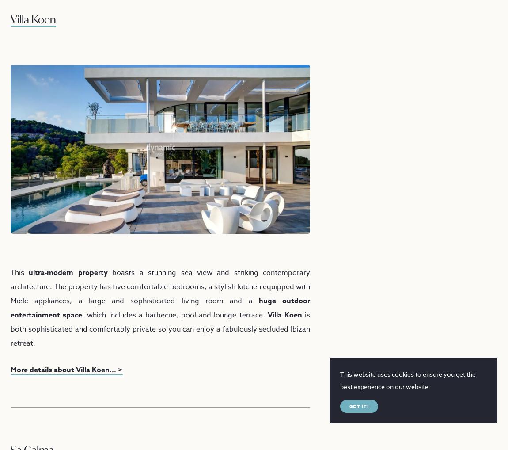 The width and height of the screenshot is (508, 450). Describe the element at coordinates (174, 314) in the screenshot. I see `', which includes a barbecue, pool and lounge terrace.'` at that location.